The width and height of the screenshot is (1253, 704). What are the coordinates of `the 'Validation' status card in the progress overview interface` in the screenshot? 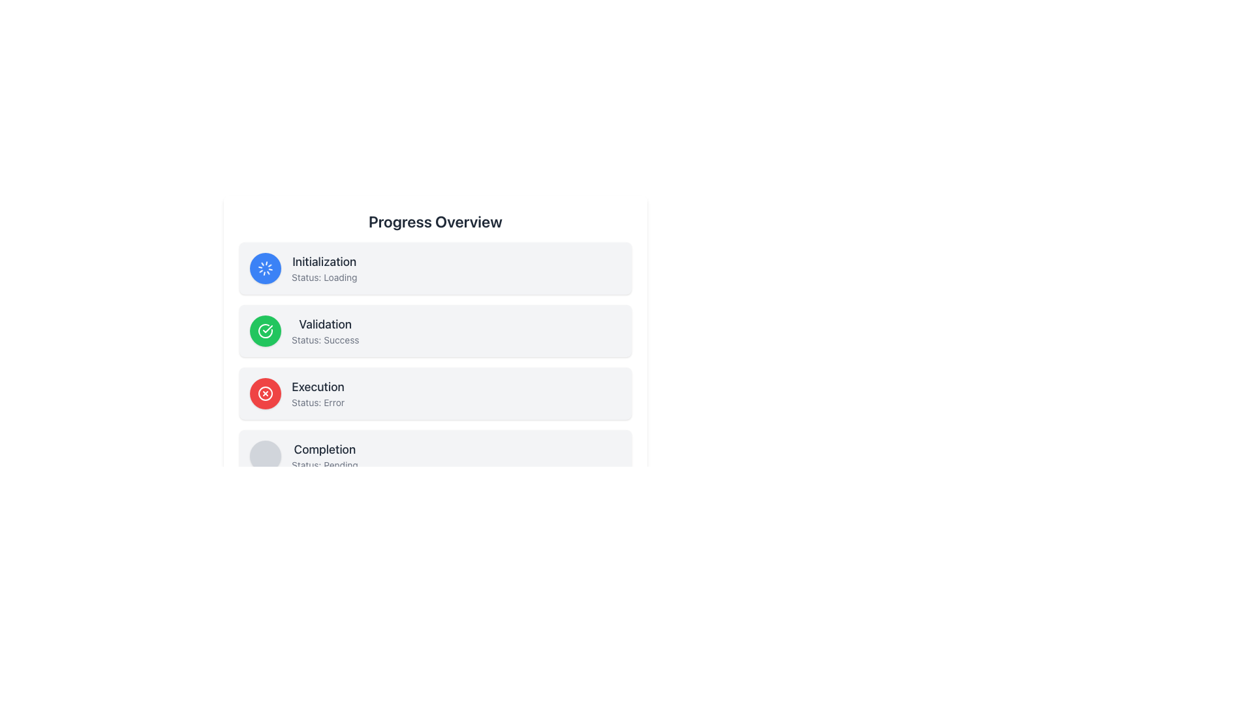 It's located at (435, 315).